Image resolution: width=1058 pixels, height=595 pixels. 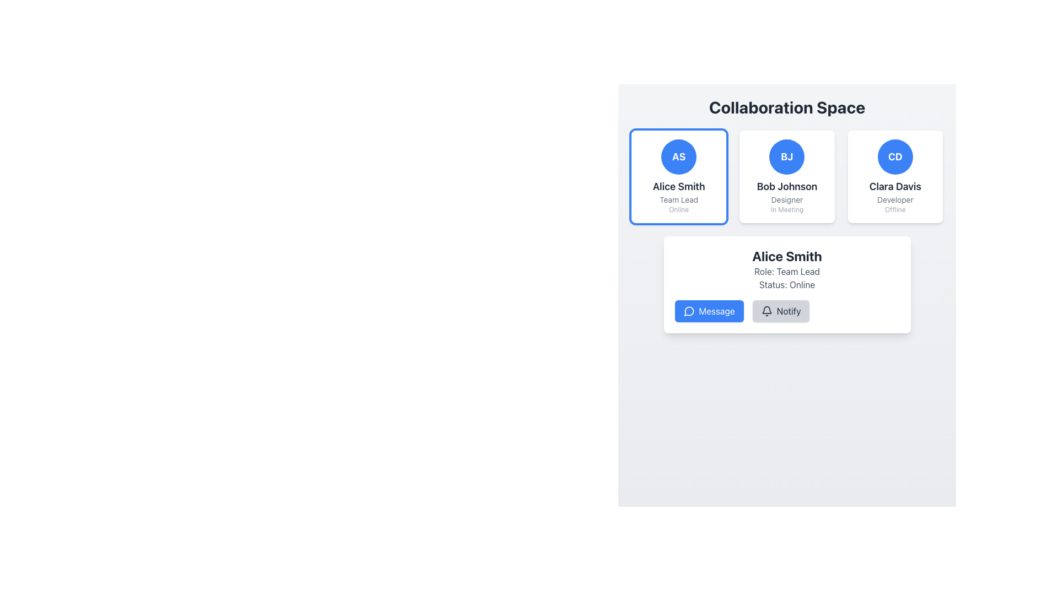 What do you see at coordinates (895, 157) in the screenshot?
I see `the Avatar badge representing user Clara Davis, located at the top-center of the user card` at bounding box center [895, 157].